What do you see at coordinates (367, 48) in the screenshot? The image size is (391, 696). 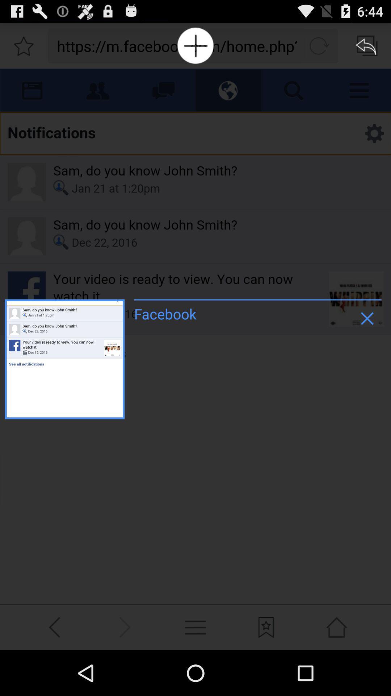 I see `the reply icon` at bounding box center [367, 48].